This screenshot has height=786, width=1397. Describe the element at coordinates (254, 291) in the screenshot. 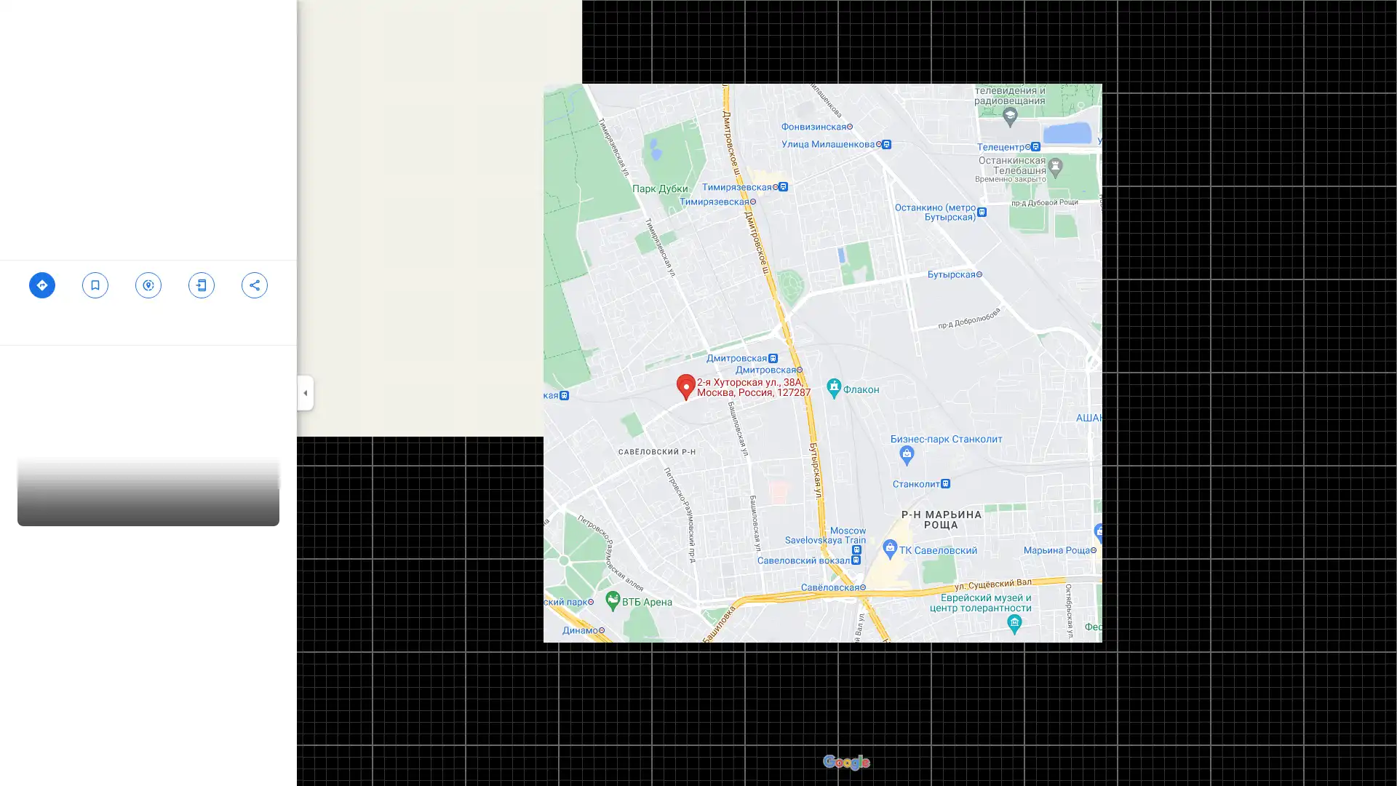

I see `: "2-  ., 38"` at that location.